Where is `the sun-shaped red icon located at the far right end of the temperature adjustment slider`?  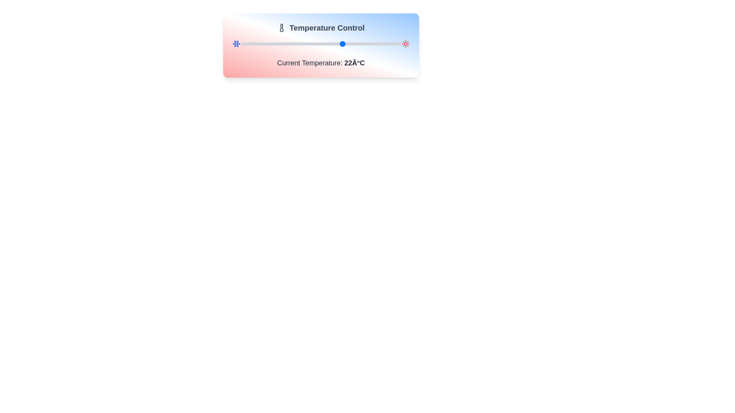
the sun-shaped red icon located at the far right end of the temperature adjustment slider is located at coordinates (405, 44).